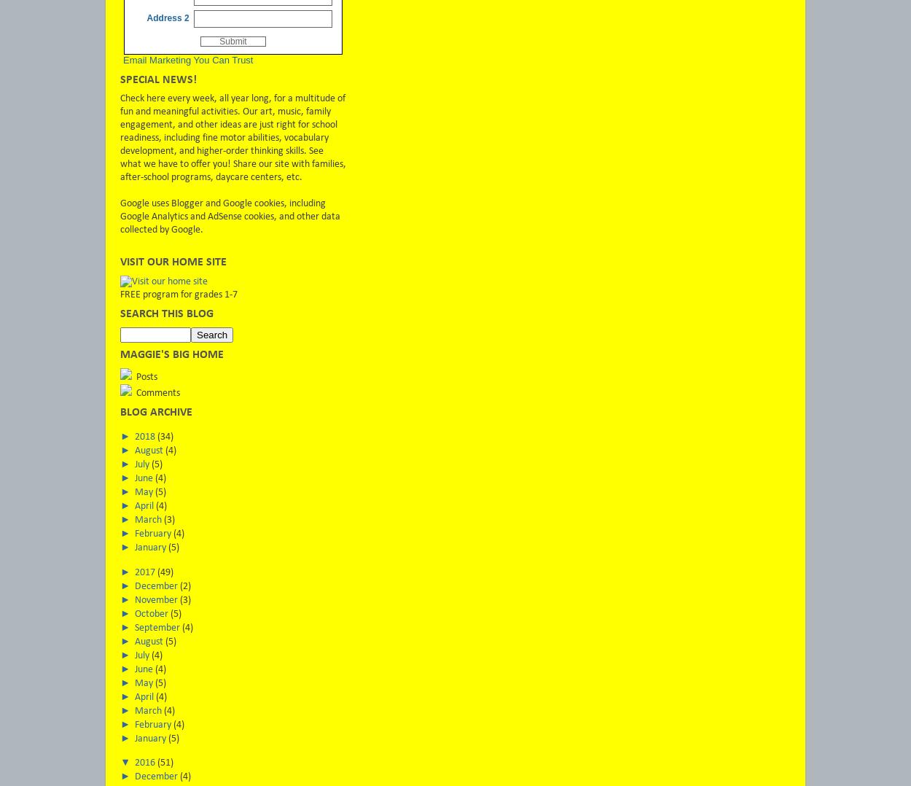 This screenshot has width=911, height=786. Describe the element at coordinates (166, 314) in the screenshot. I see `'Search This Blog'` at that location.